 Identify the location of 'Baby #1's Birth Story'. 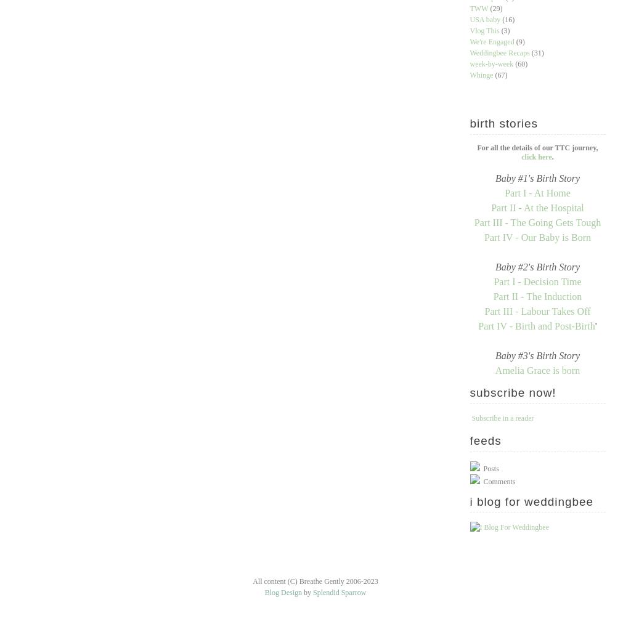
(495, 177).